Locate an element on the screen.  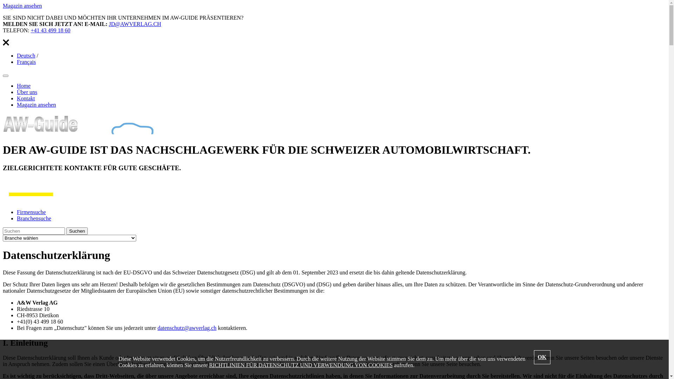
'datenschutz@awverlag.ch' is located at coordinates (187, 328).